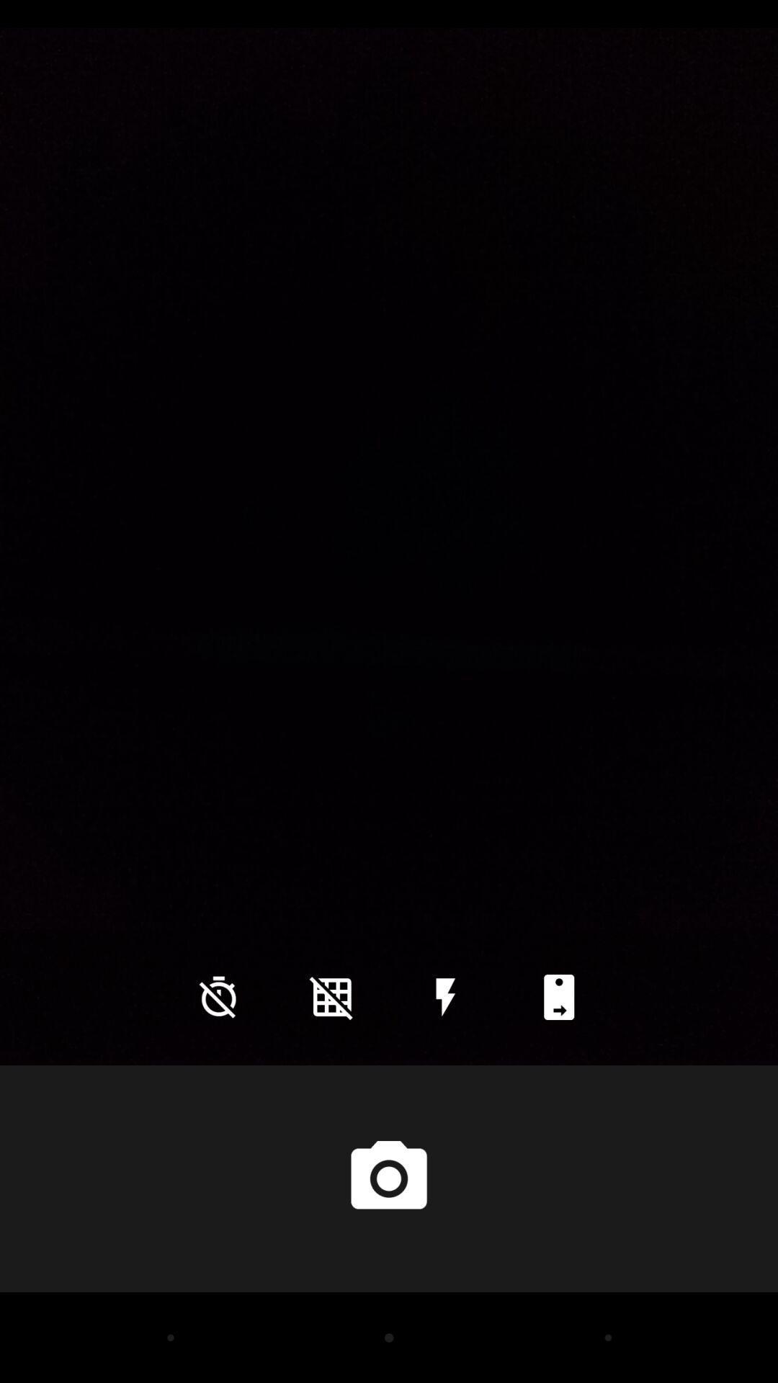 This screenshot has width=778, height=1383. I want to click on the icon at the bottom right corner, so click(558, 996).